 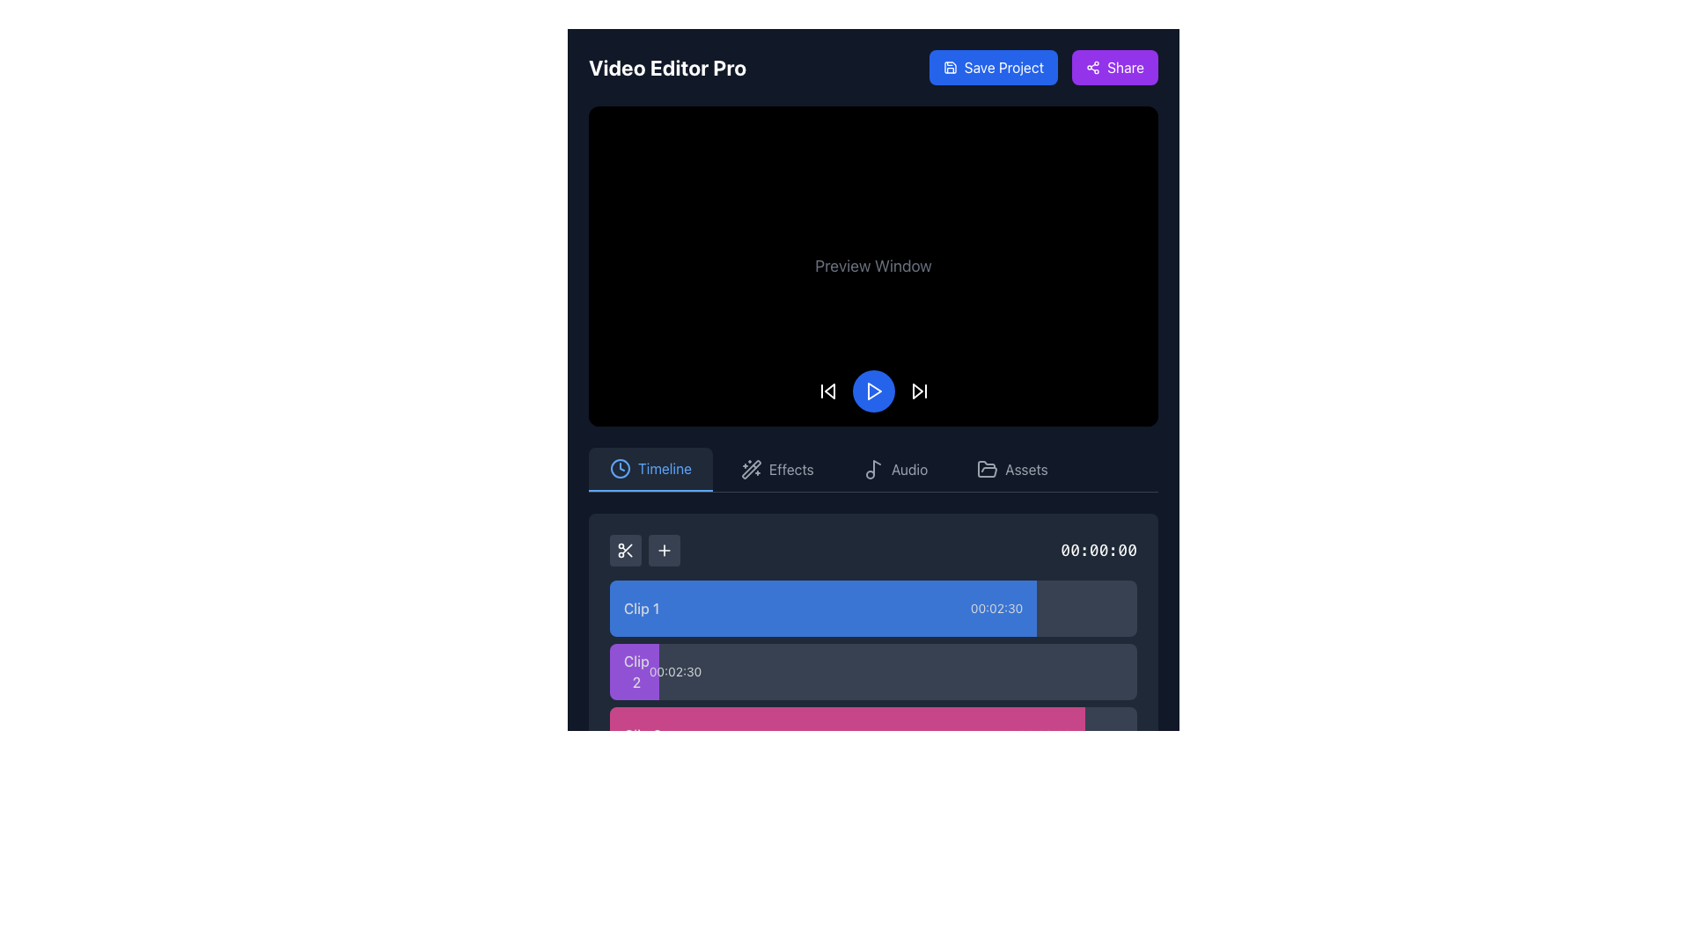 What do you see at coordinates (873, 469) in the screenshot?
I see `the 'Audio' tab in the Navigation bar to manage audio elements` at bounding box center [873, 469].